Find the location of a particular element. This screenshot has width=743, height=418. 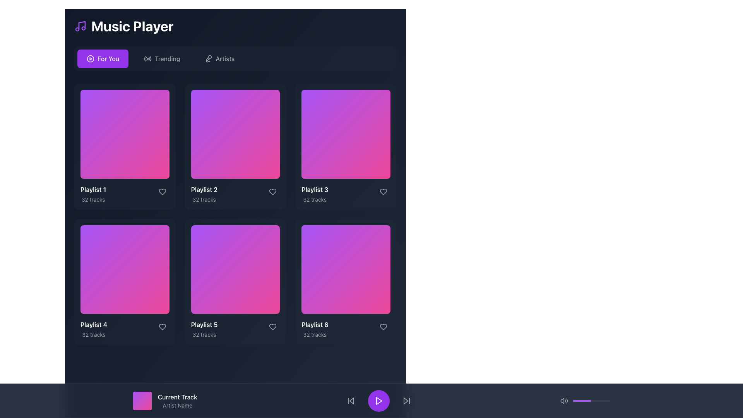

the heart icon located in the lower-right corner of the 'Playlist 3' card is located at coordinates (383, 192).